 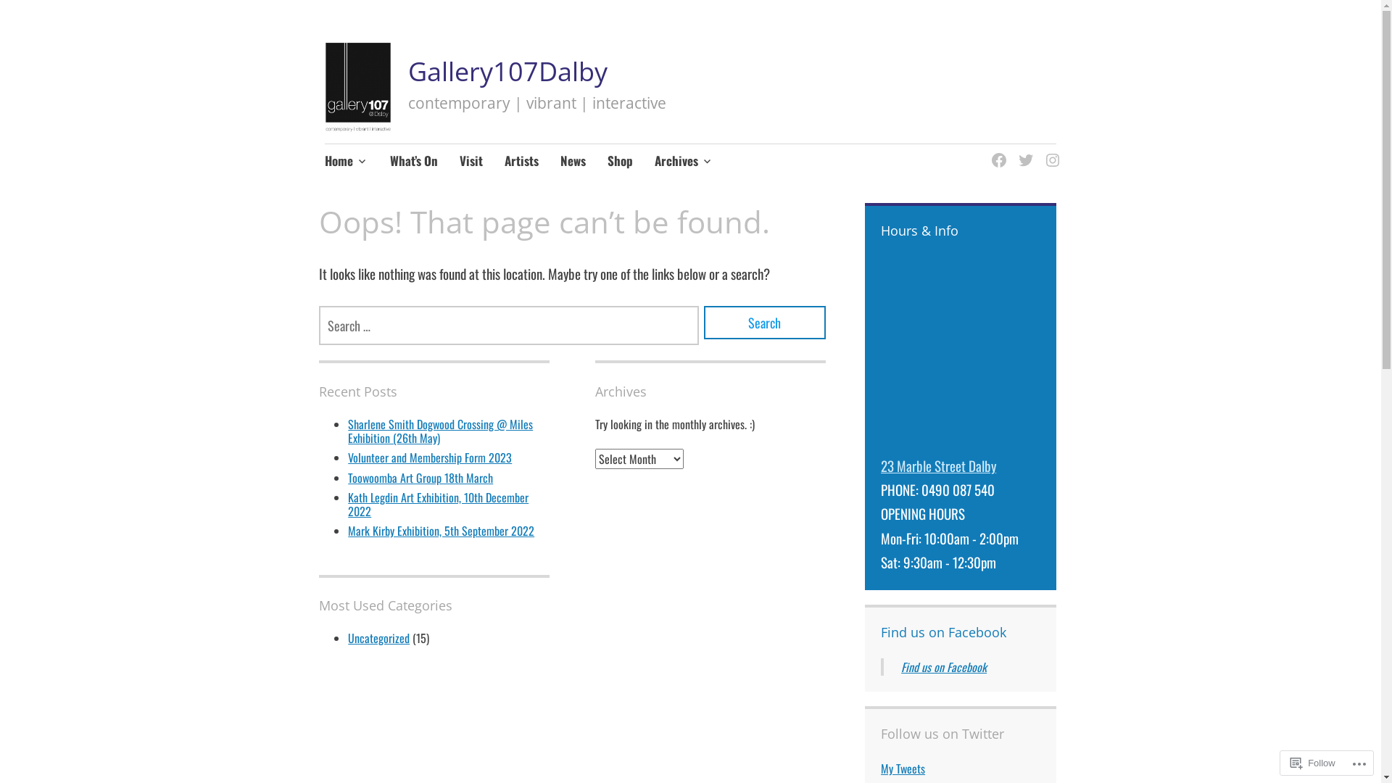 I want to click on 'News', so click(x=572, y=162).